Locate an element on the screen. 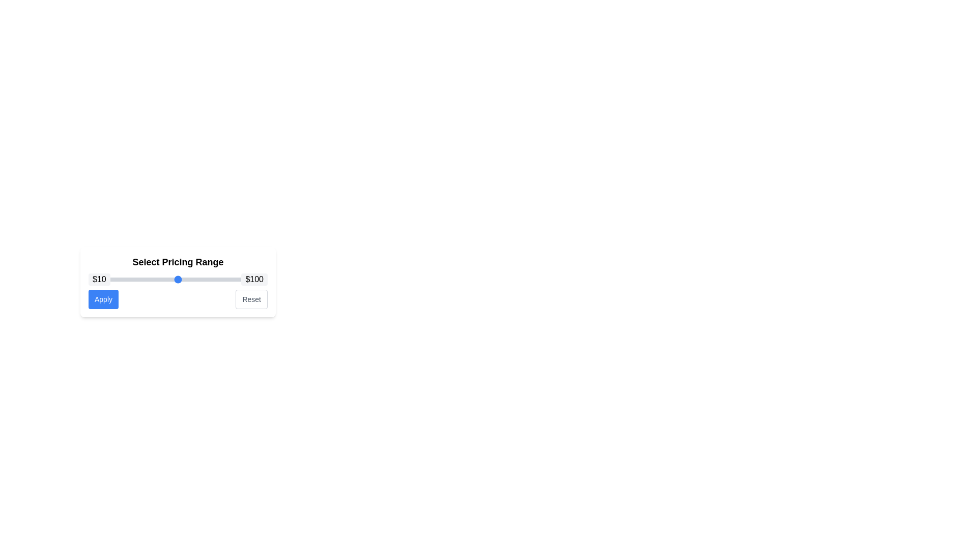 The width and height of the screenshot is (977, 550). the range slider located between the '$10' and '$100' labels is located at coordinates (178, 279).